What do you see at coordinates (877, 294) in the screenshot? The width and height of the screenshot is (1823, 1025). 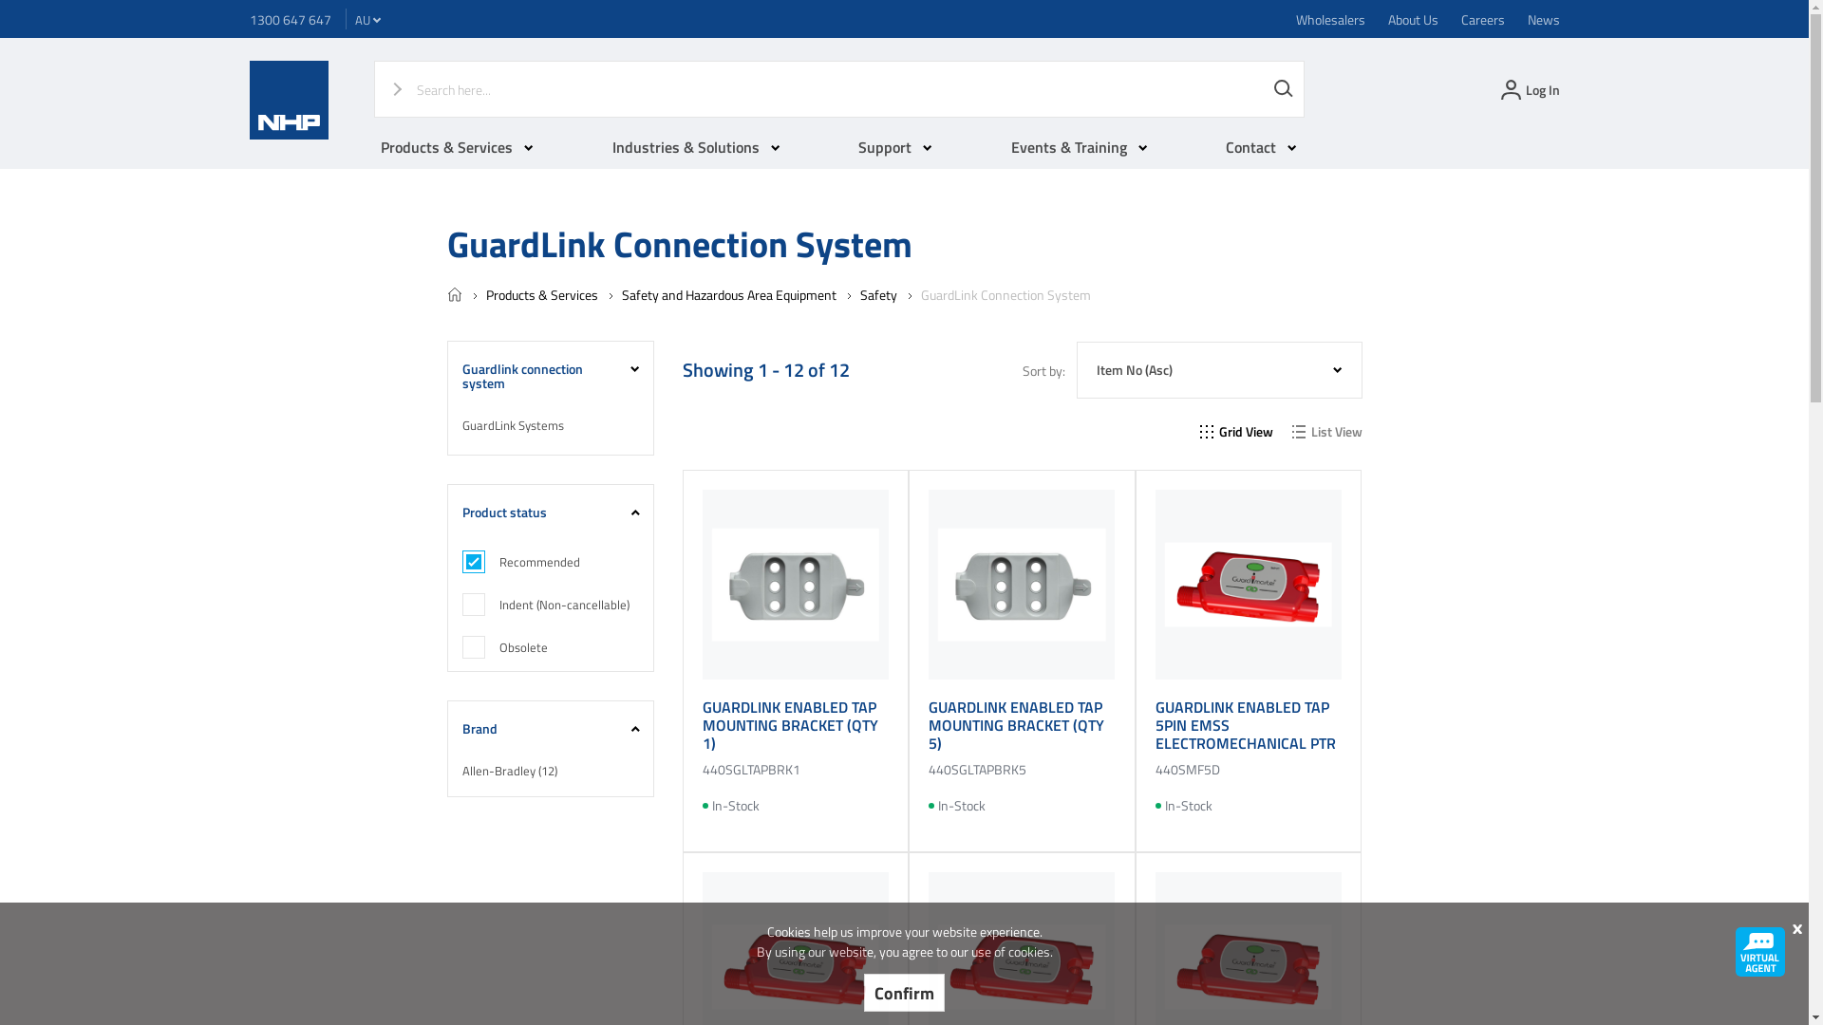 I see `'Safety'` at bounding box center [877, 294].